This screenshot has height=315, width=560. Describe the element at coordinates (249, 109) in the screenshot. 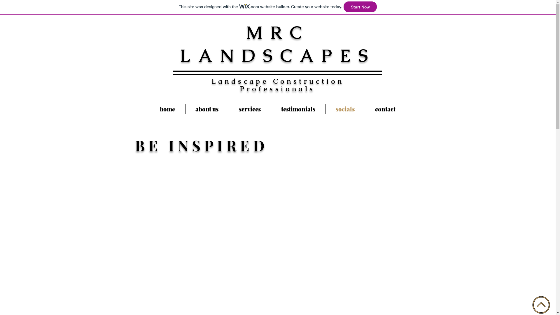

I see `'services'` at that location.